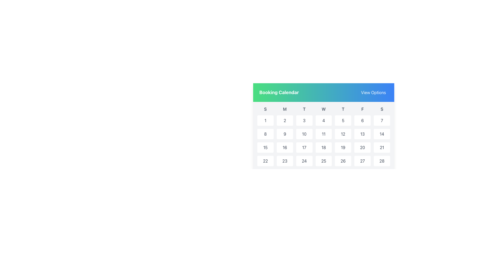 The height and width of the screenshot is (280, 498). What do you see at coordinates (323, 109) in the screenshot?
I see `the bold letter 'W' which represents the fourth day in the calendar's row of days, located between 'T' and the second 'T'` at bounding box center [323, 109].